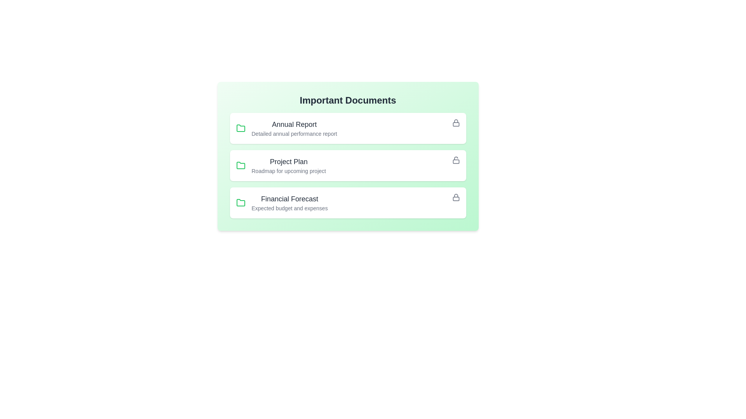 The height and width of the screenshot is (419, 746). Describe the element at coordinates (240, 128) in the screenshot. I see `the folder icon corresponding to the document titled Annual Report` at that location.